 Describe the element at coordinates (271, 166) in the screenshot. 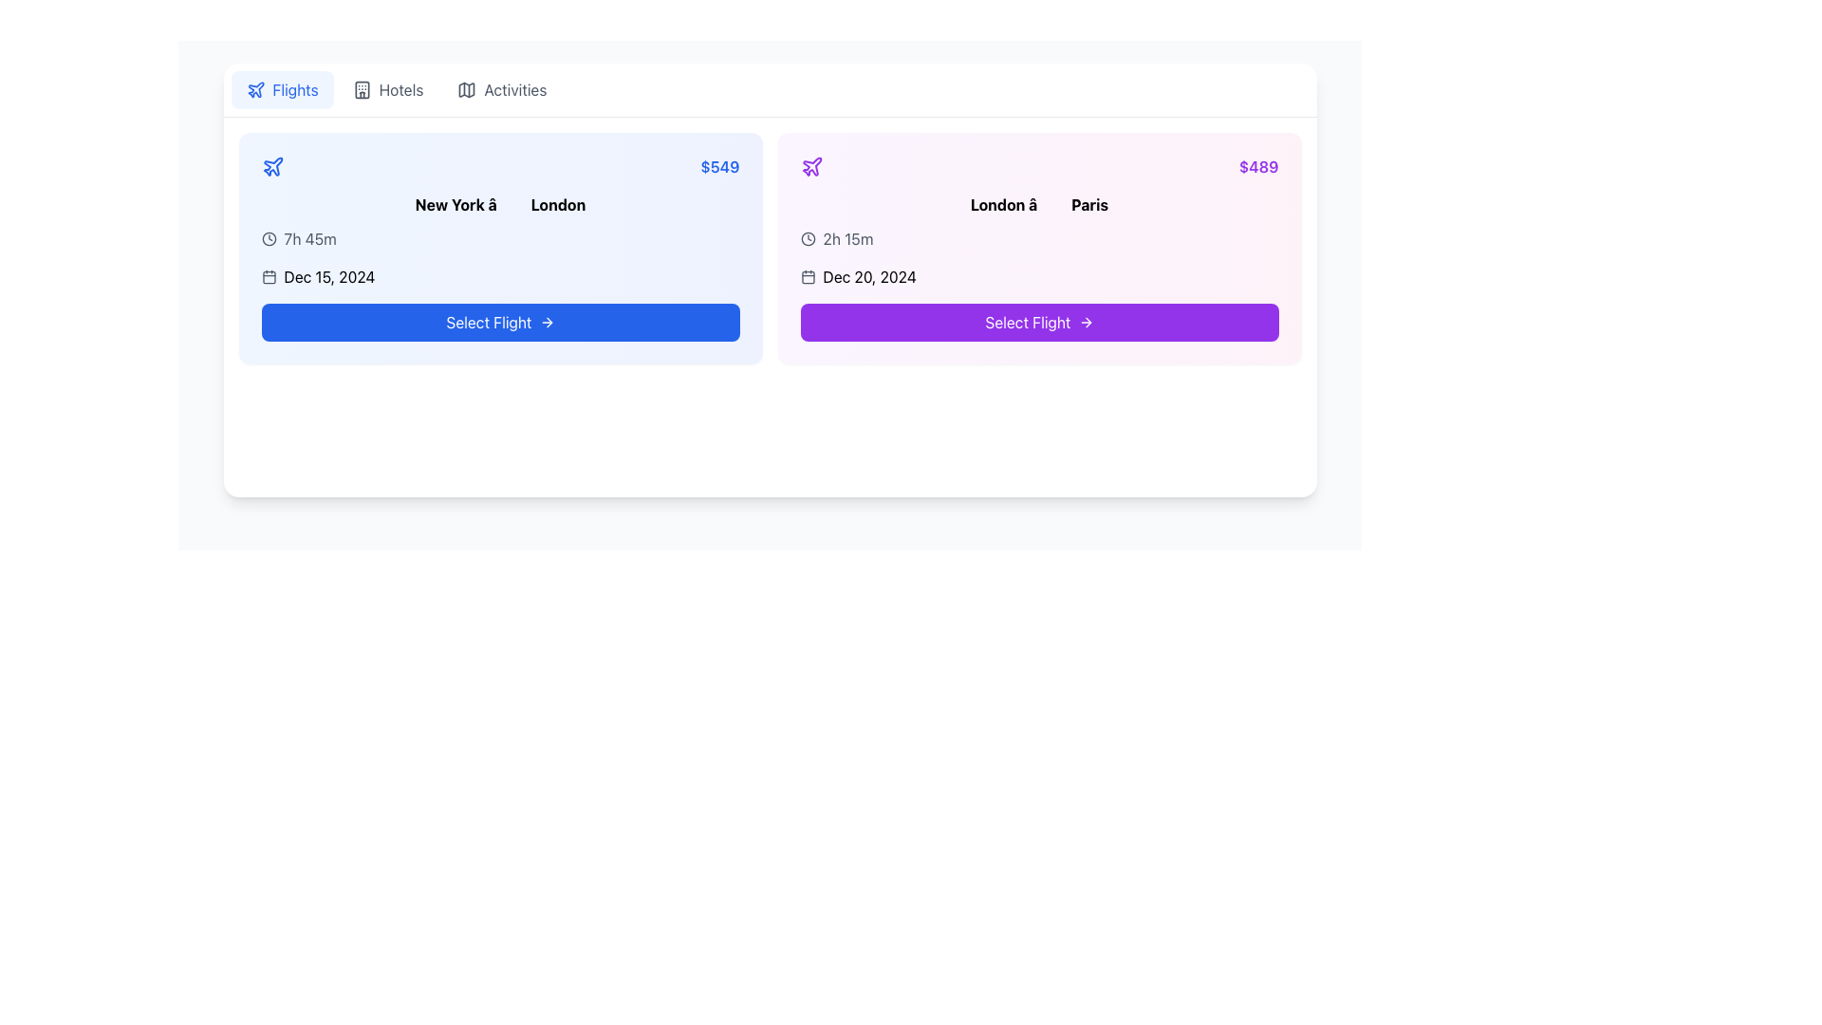

I see `the airplane icon located at the top-left corner of the flight ticket card, which represents a flight option or airline association` at that location.